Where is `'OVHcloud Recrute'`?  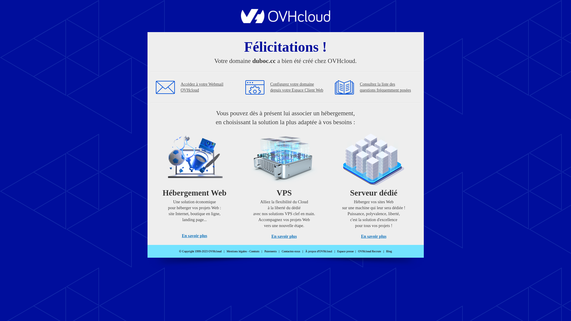 'OVHcloud Recrute' is located at coordinates (358, 251).